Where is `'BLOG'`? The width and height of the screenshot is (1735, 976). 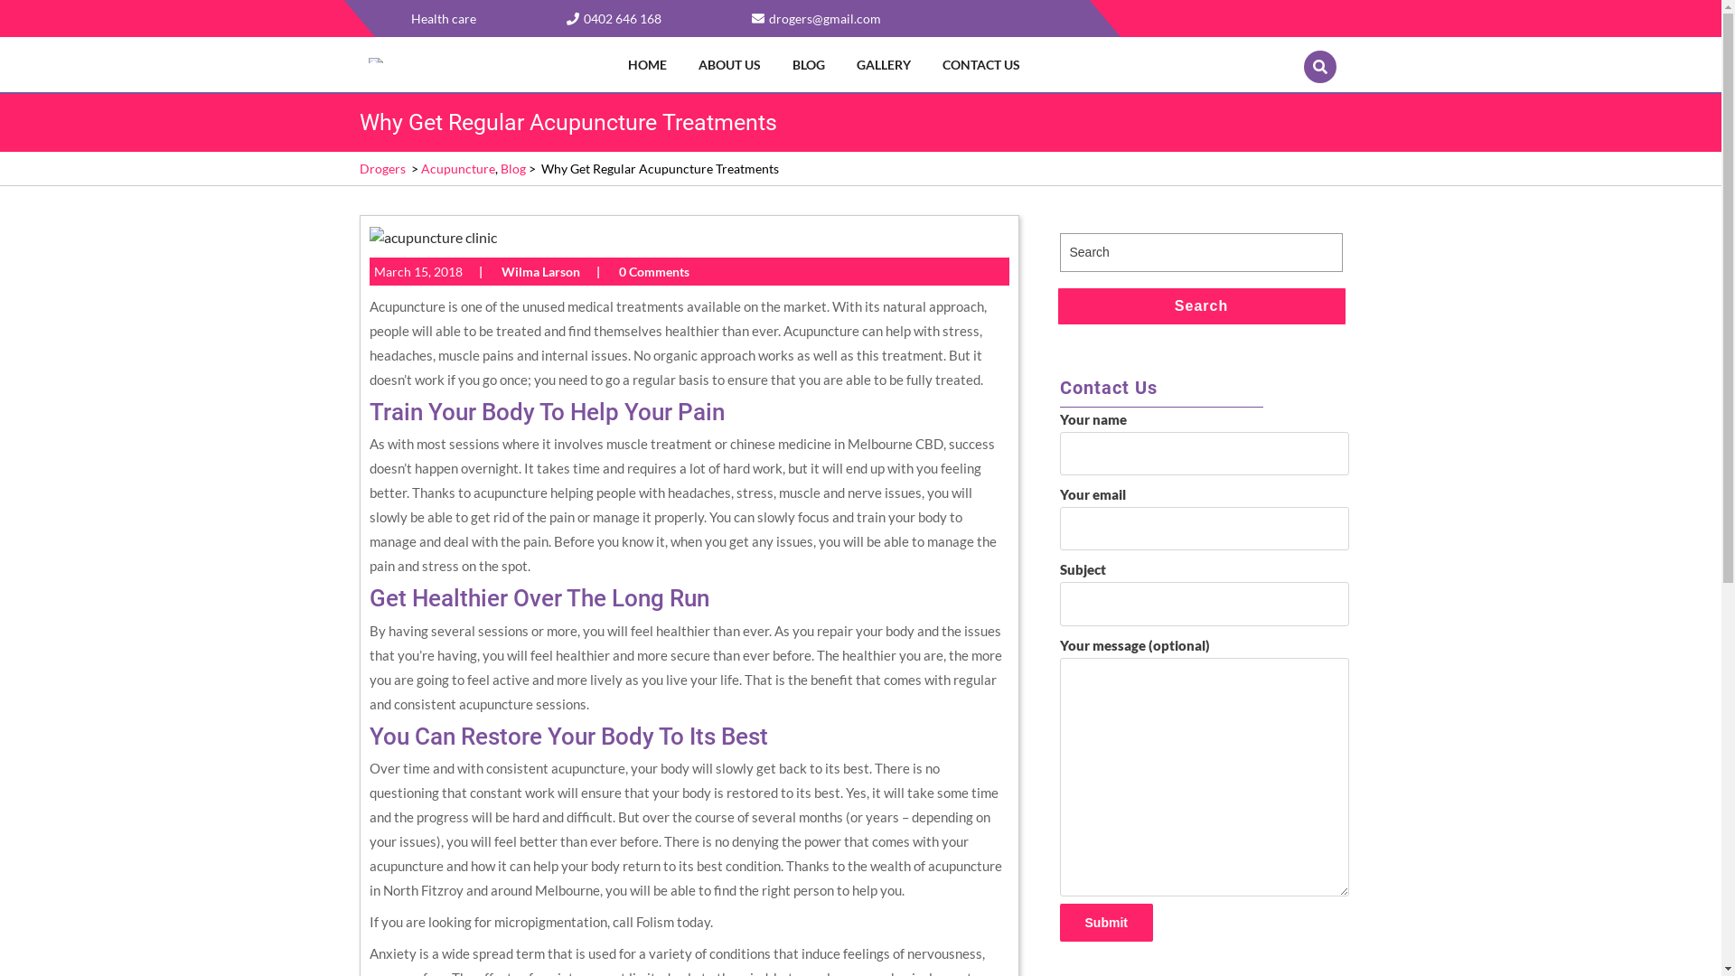
'BLOG' is located at coordinates (781, 63).